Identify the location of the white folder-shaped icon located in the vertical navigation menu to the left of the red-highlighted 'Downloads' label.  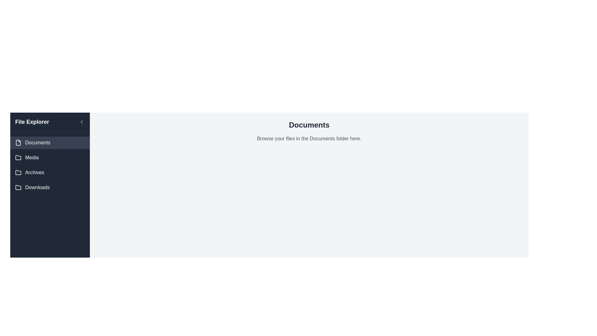
(18, 187).